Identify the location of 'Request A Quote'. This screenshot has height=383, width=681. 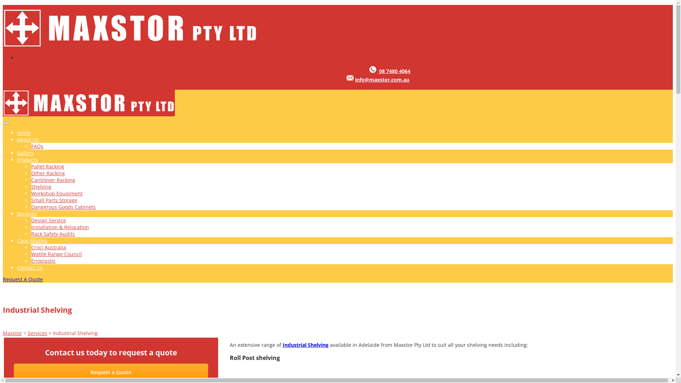
(23, 279).